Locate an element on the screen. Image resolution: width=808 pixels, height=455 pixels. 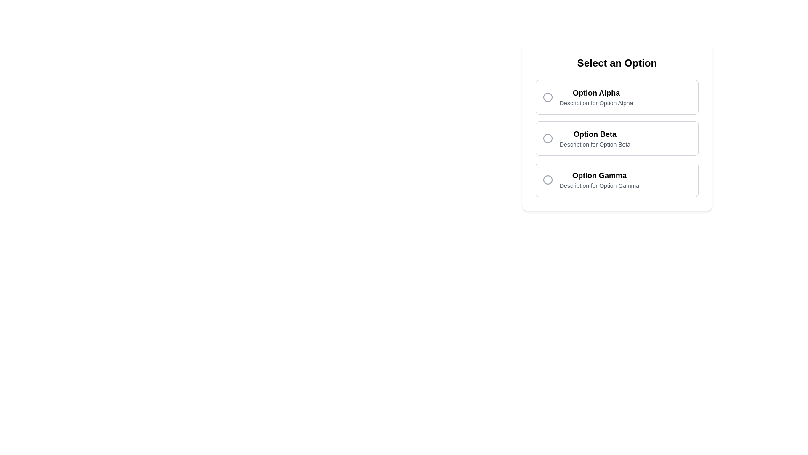
the text section of the 'Option Gamma' row, which includes the bold headline and subtitle in the third option box of the vertical list is located at coordinates (599, 179).